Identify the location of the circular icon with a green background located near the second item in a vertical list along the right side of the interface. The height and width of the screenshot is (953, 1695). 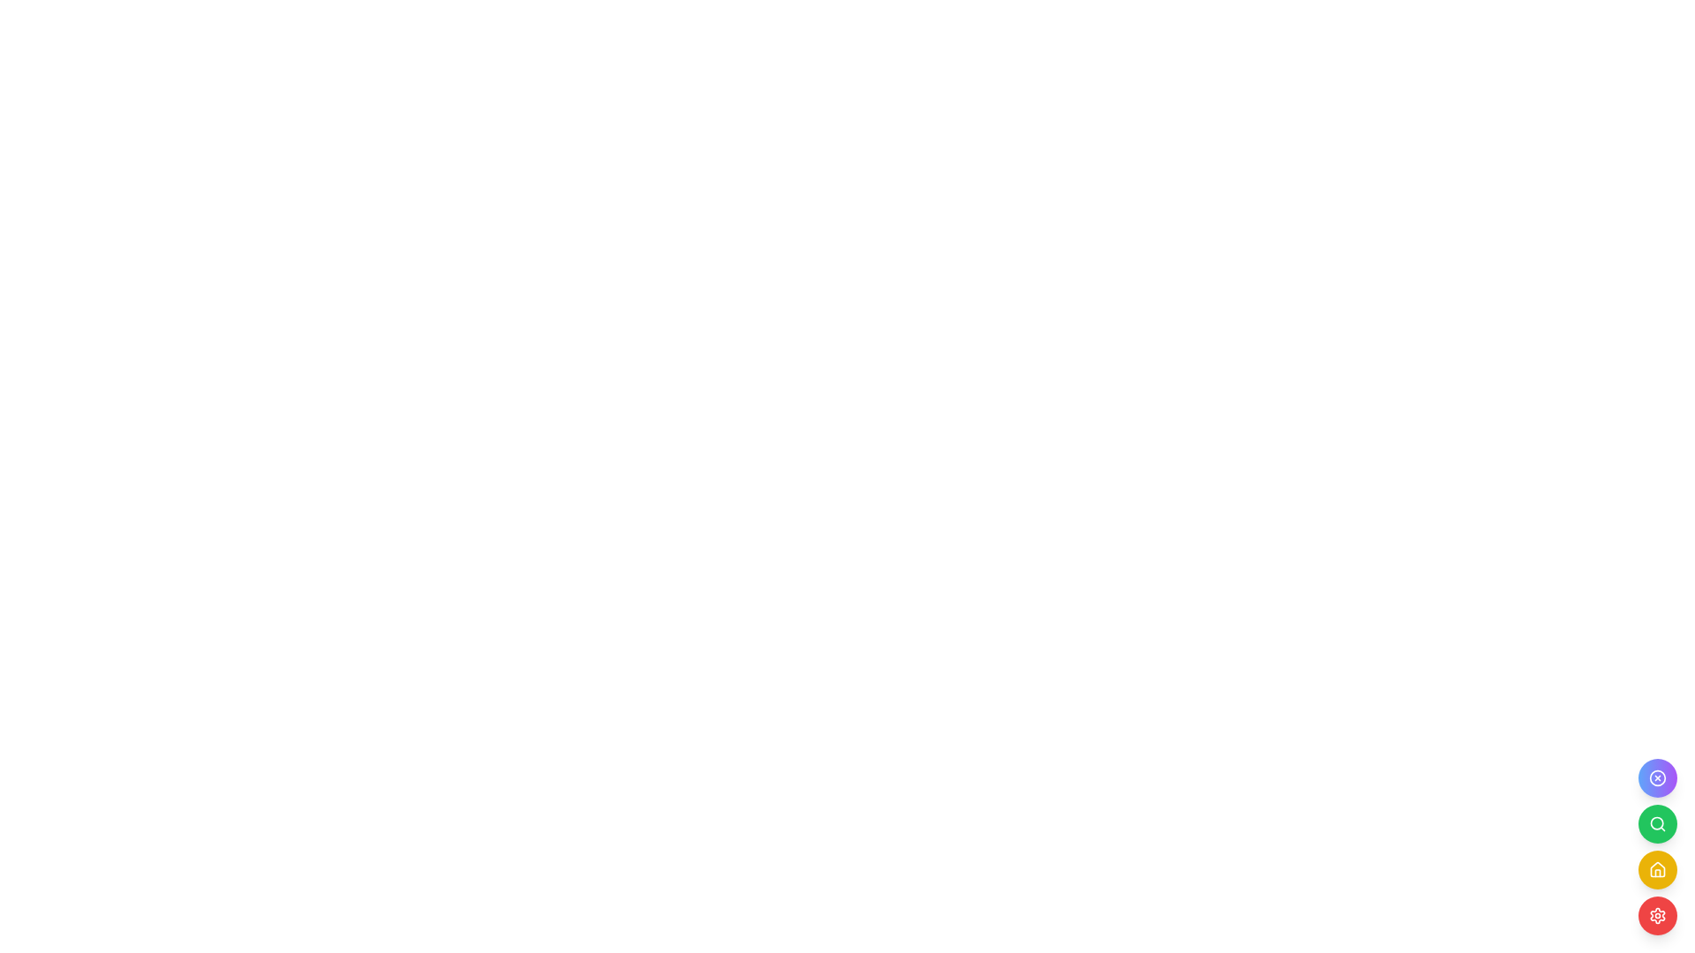
(1656, 823).